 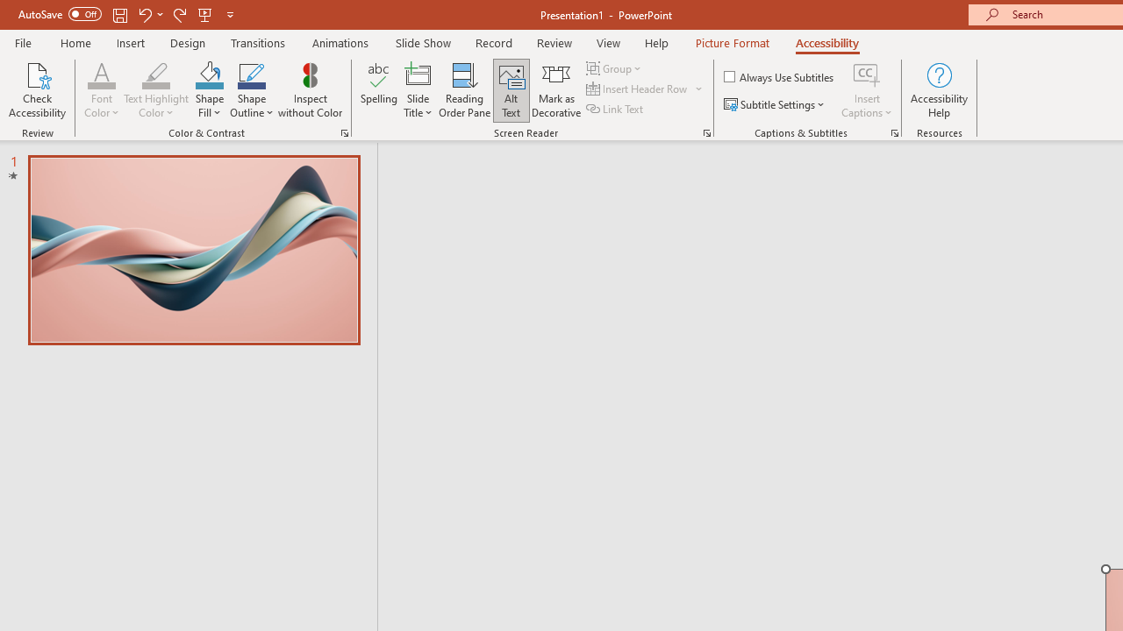 What do you see at coordinates (344, 131) in the screenshot?
I see `'Color & Contrast'` at bounding box center [344, 131].